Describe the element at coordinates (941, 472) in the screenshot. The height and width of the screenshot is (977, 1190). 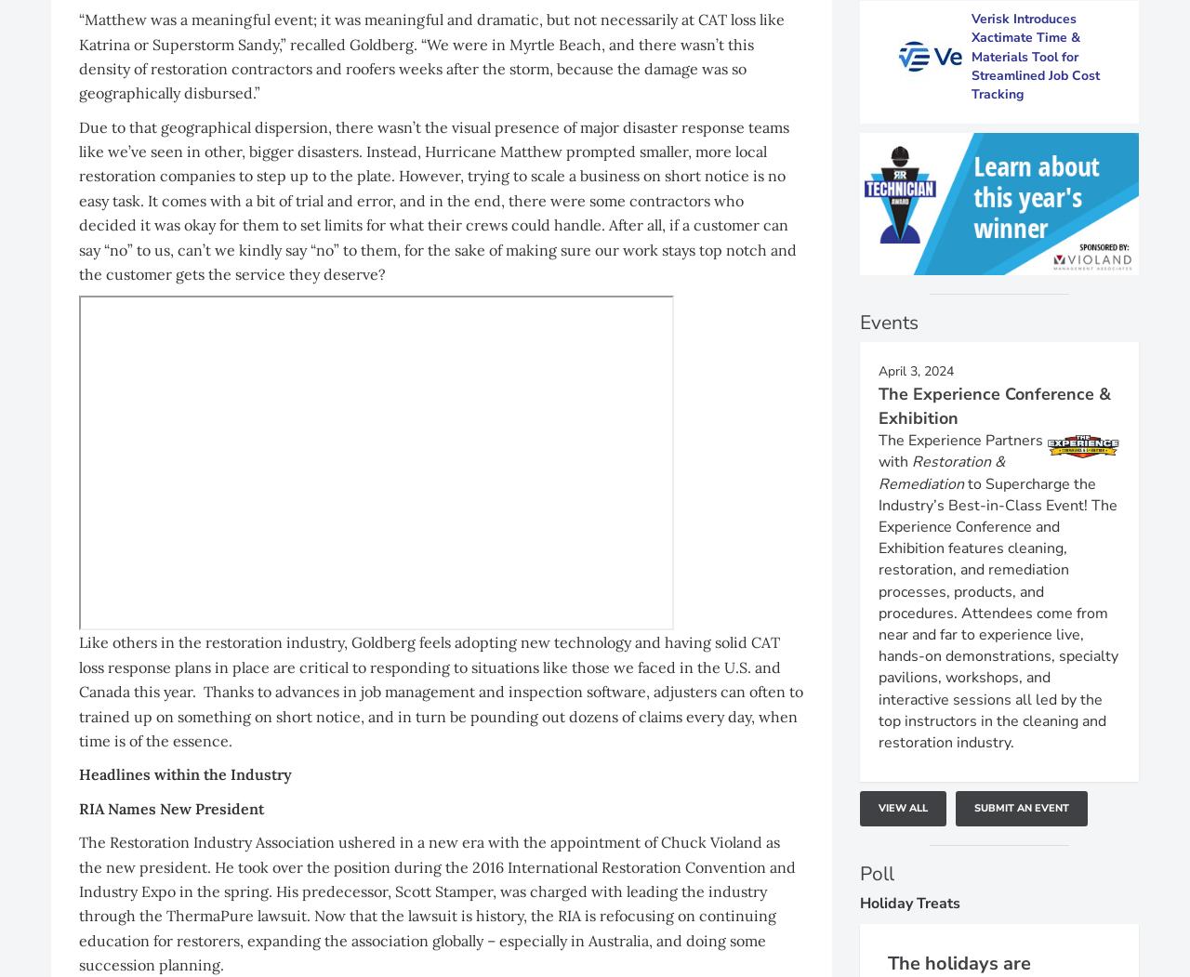
I see `'Restoration & Remediation'` at that location.